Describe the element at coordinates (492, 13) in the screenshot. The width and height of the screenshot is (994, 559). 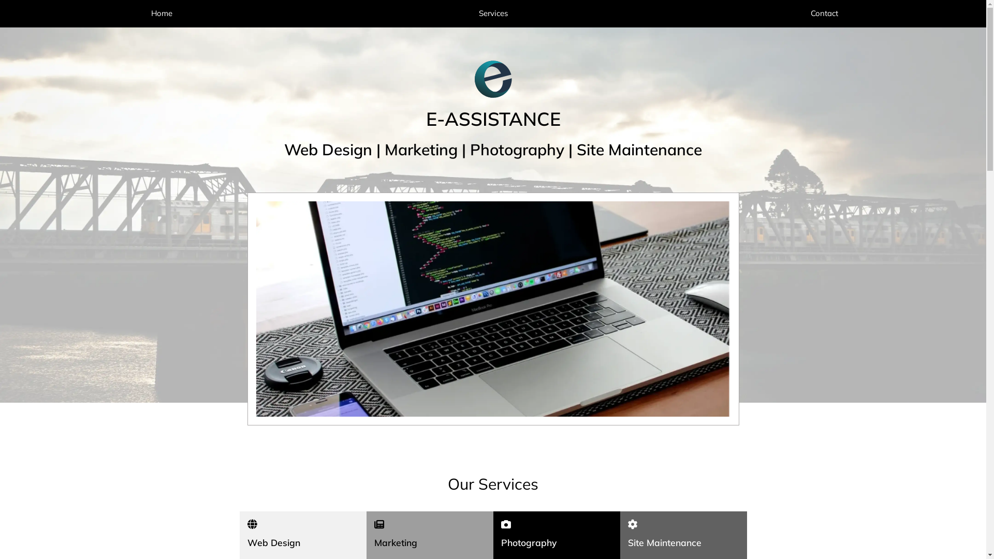
I see `'Services'` at that location.